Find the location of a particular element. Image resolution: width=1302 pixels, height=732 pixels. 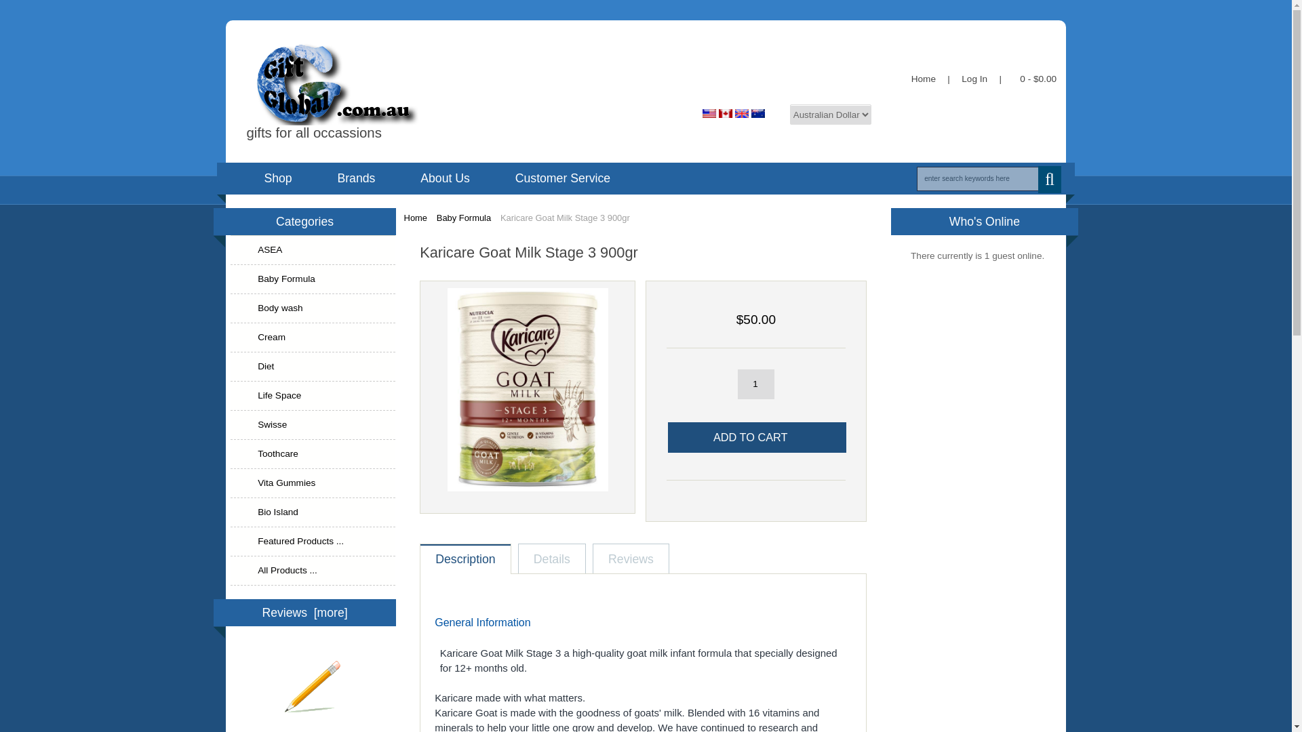

'Add to Cart' is located at coordinates (756, 437).